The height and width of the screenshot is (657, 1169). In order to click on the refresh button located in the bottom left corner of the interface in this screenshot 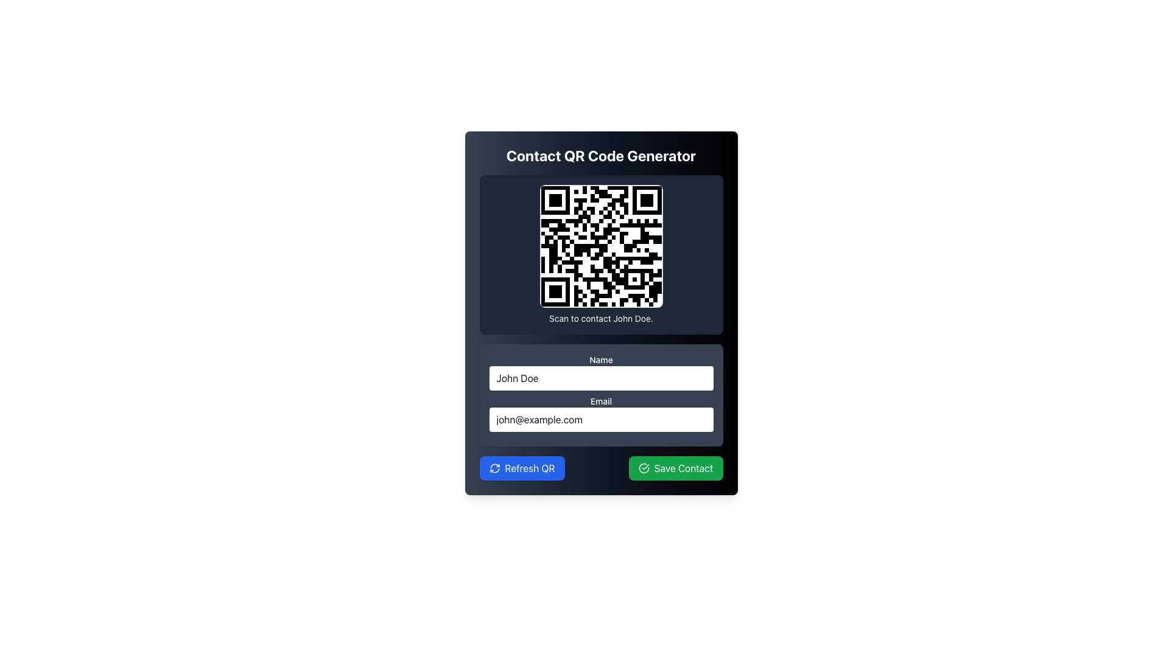, I will do `click(522, 468)`.